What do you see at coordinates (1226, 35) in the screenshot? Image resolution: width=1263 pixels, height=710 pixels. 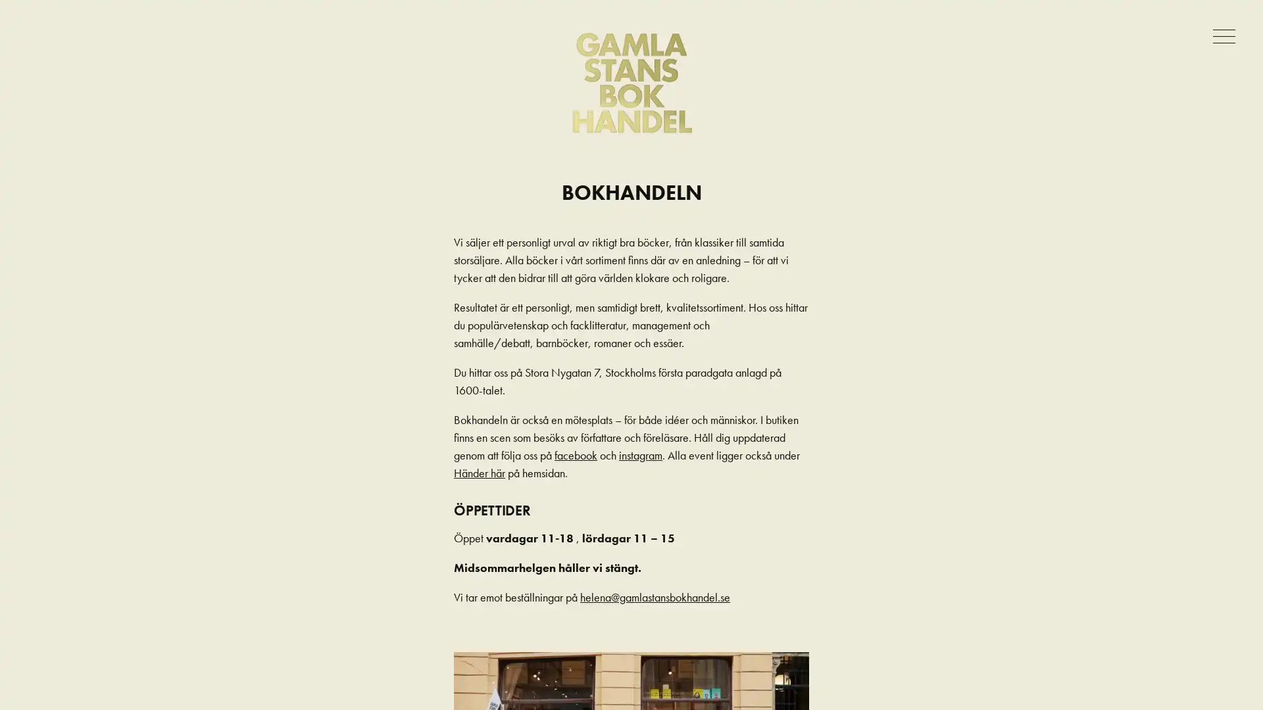 I see `Meny` at bounding box center [1226, 35].